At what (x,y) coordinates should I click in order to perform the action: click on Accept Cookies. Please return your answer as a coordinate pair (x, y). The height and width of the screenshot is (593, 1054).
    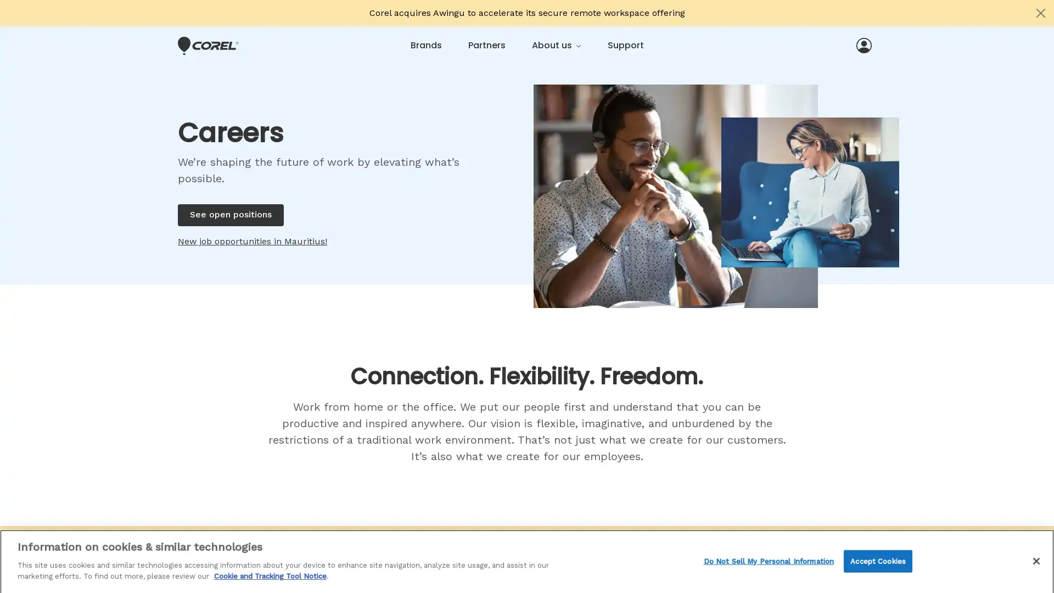
    Looking at the image, I should click on (877, 560).